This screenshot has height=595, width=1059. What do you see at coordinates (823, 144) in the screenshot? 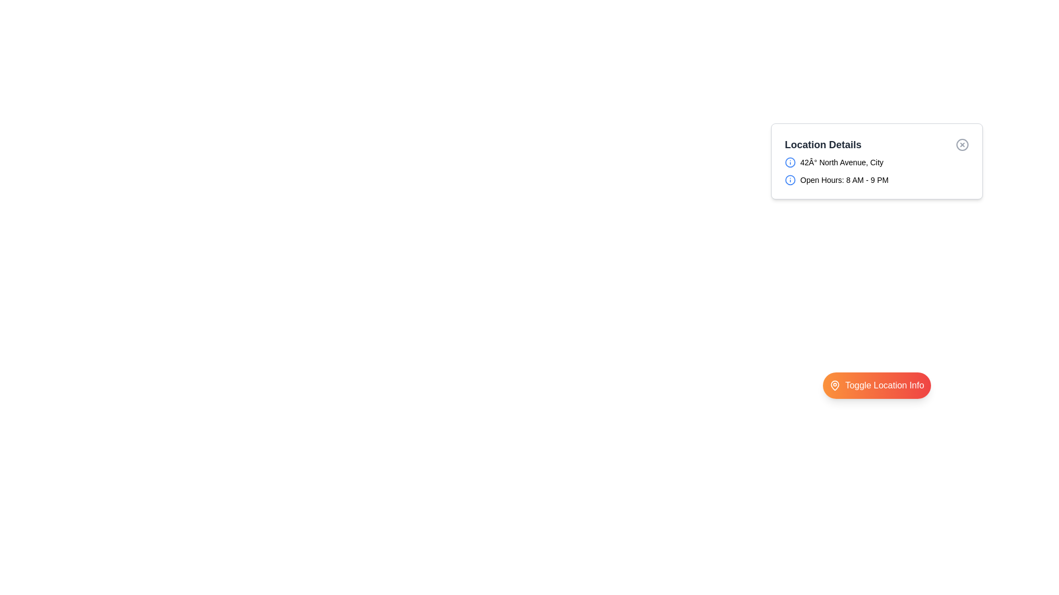
I see `the Text Label displaying 'Location Details' which indicates the section heading for location details` at bounding box center [823, 144].